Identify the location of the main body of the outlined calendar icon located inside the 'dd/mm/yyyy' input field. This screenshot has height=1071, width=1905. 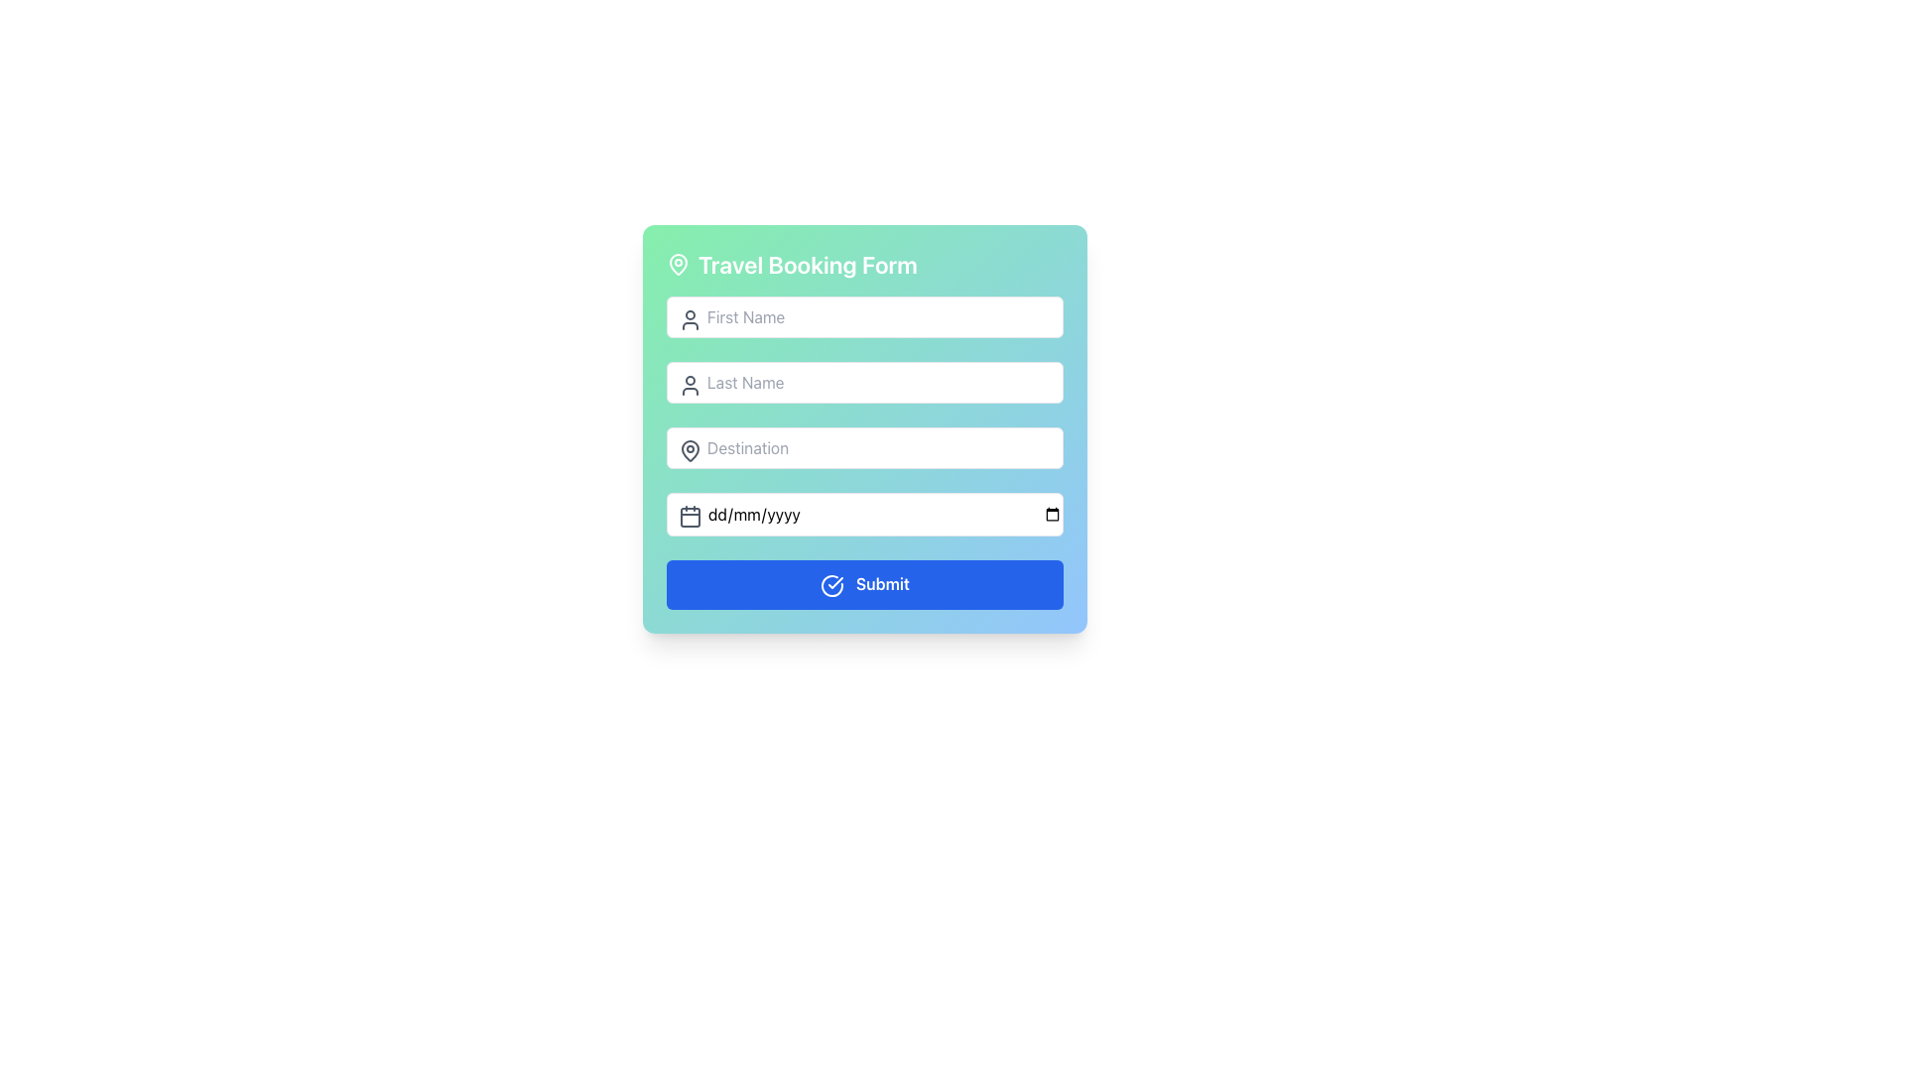
(691, 516).